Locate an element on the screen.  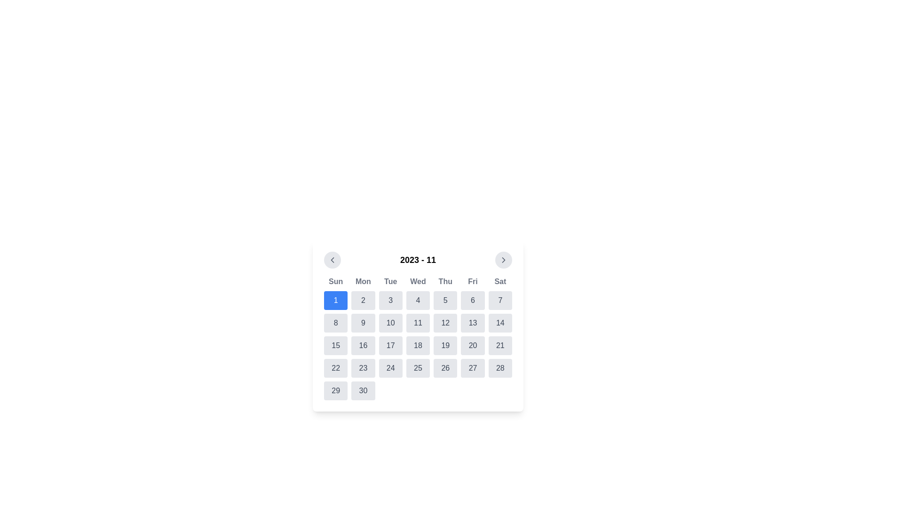
the navigational button located on the left side of the header showing the date '2023 - 11' is located at coordinates (332, 260).